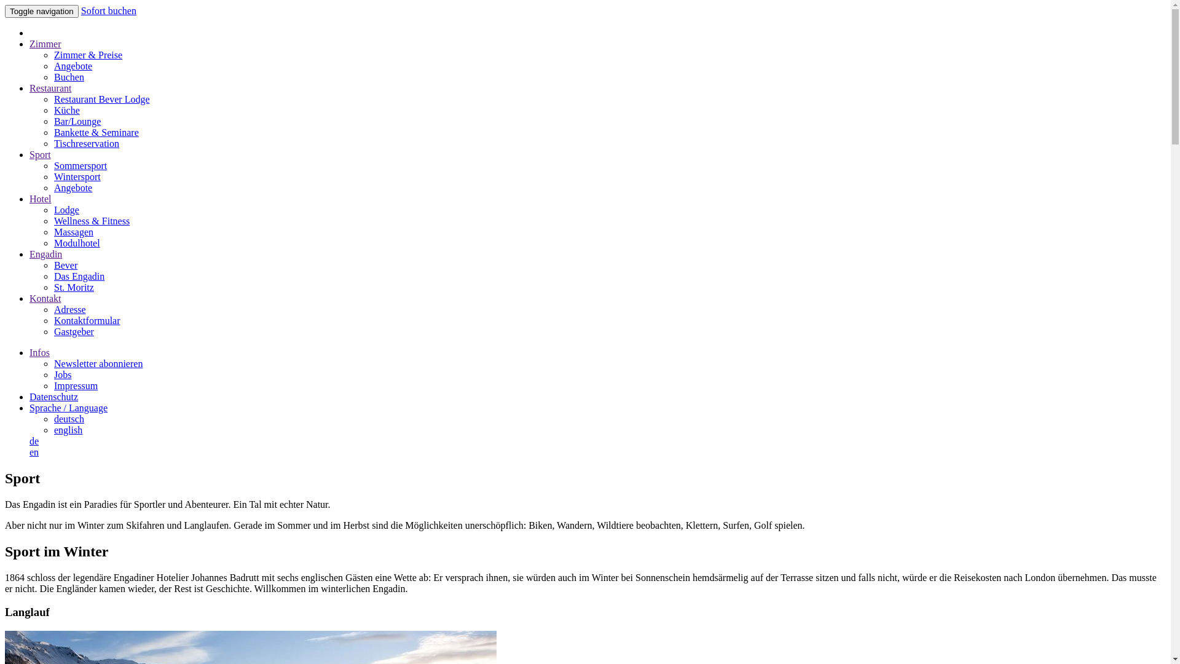 The width and height of the screenshot is (1180, 664). Describe the element at coordinates (49, 87) in the screenshot. I see `'Restaurant'` at that location.